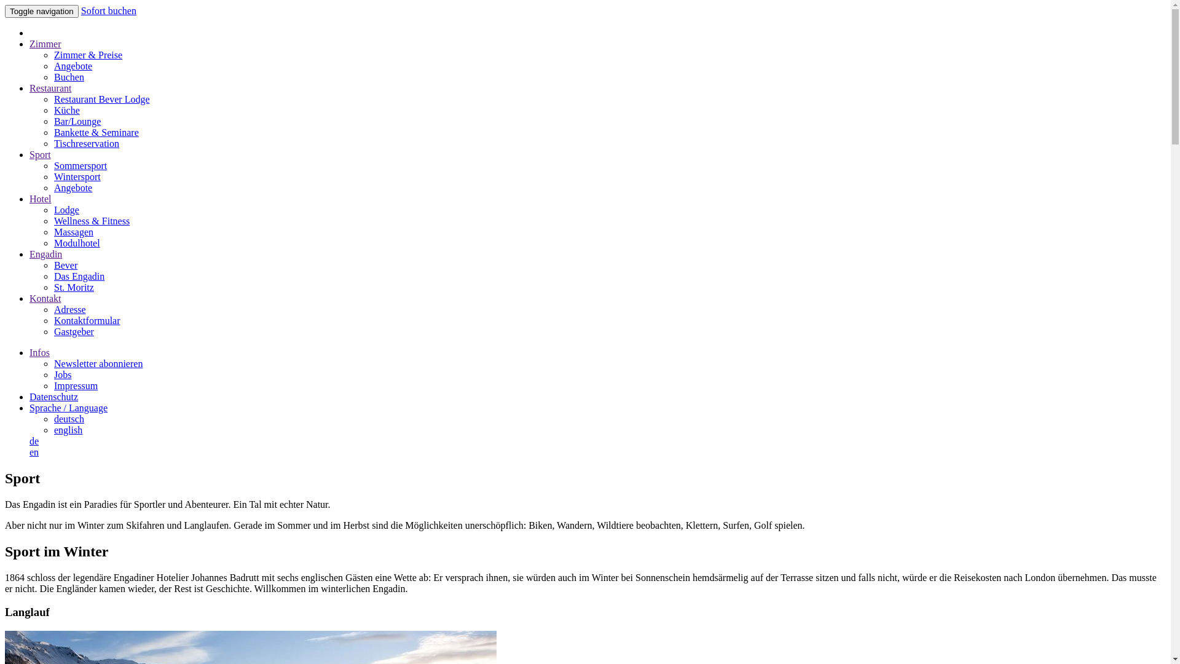 The width and height of the screenshot is (1180, 664). Describe the element at coordinates (49, 87) in the screenshot. I see `'Restaurant'` at that location.